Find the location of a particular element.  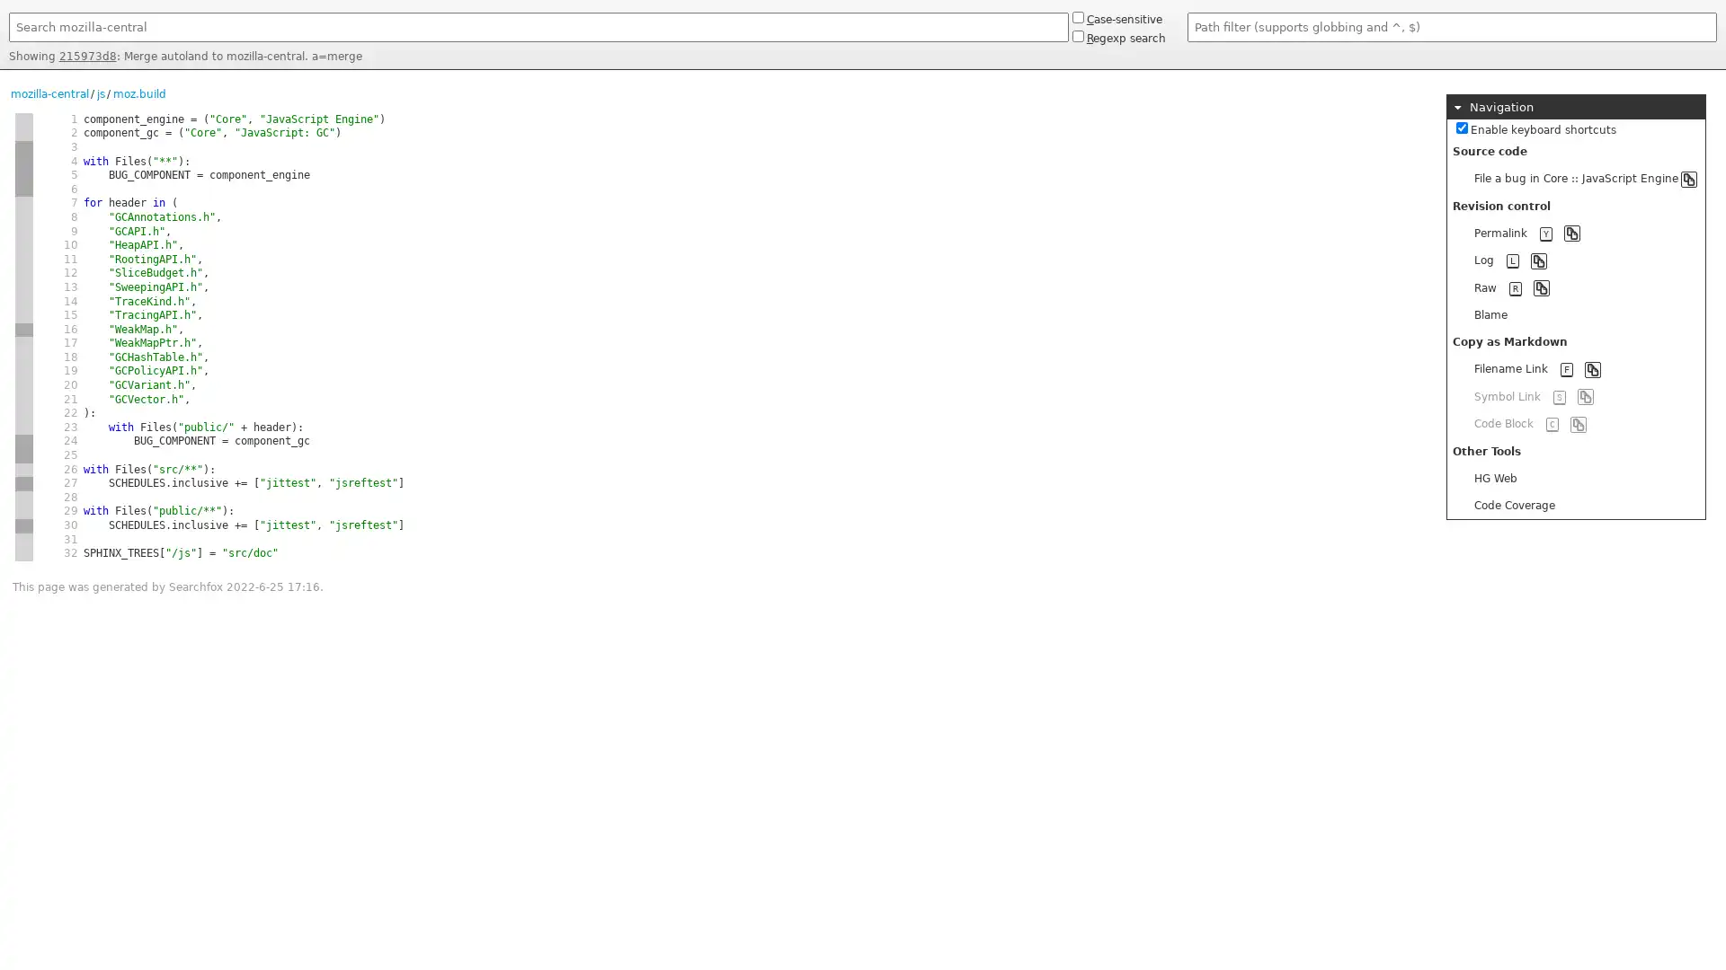

same hash 1 is located at coordinates (24, 300).